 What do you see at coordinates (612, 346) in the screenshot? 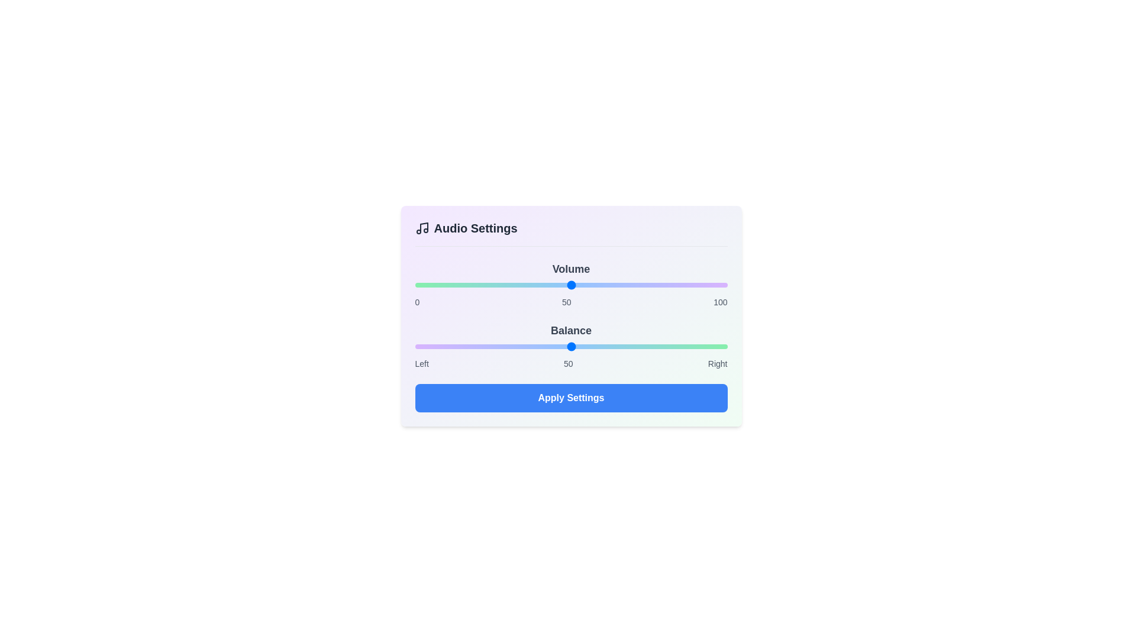
I see `balance` at bounding box center [612, 346].